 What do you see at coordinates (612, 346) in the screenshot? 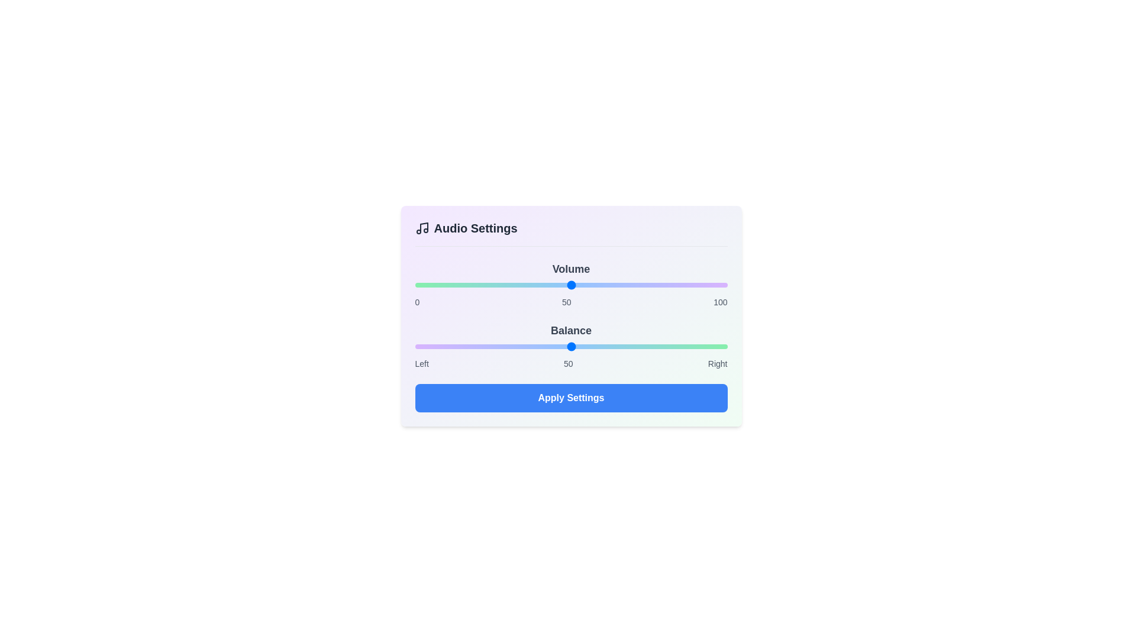
I see `balance` at bounding box center [612, 346].